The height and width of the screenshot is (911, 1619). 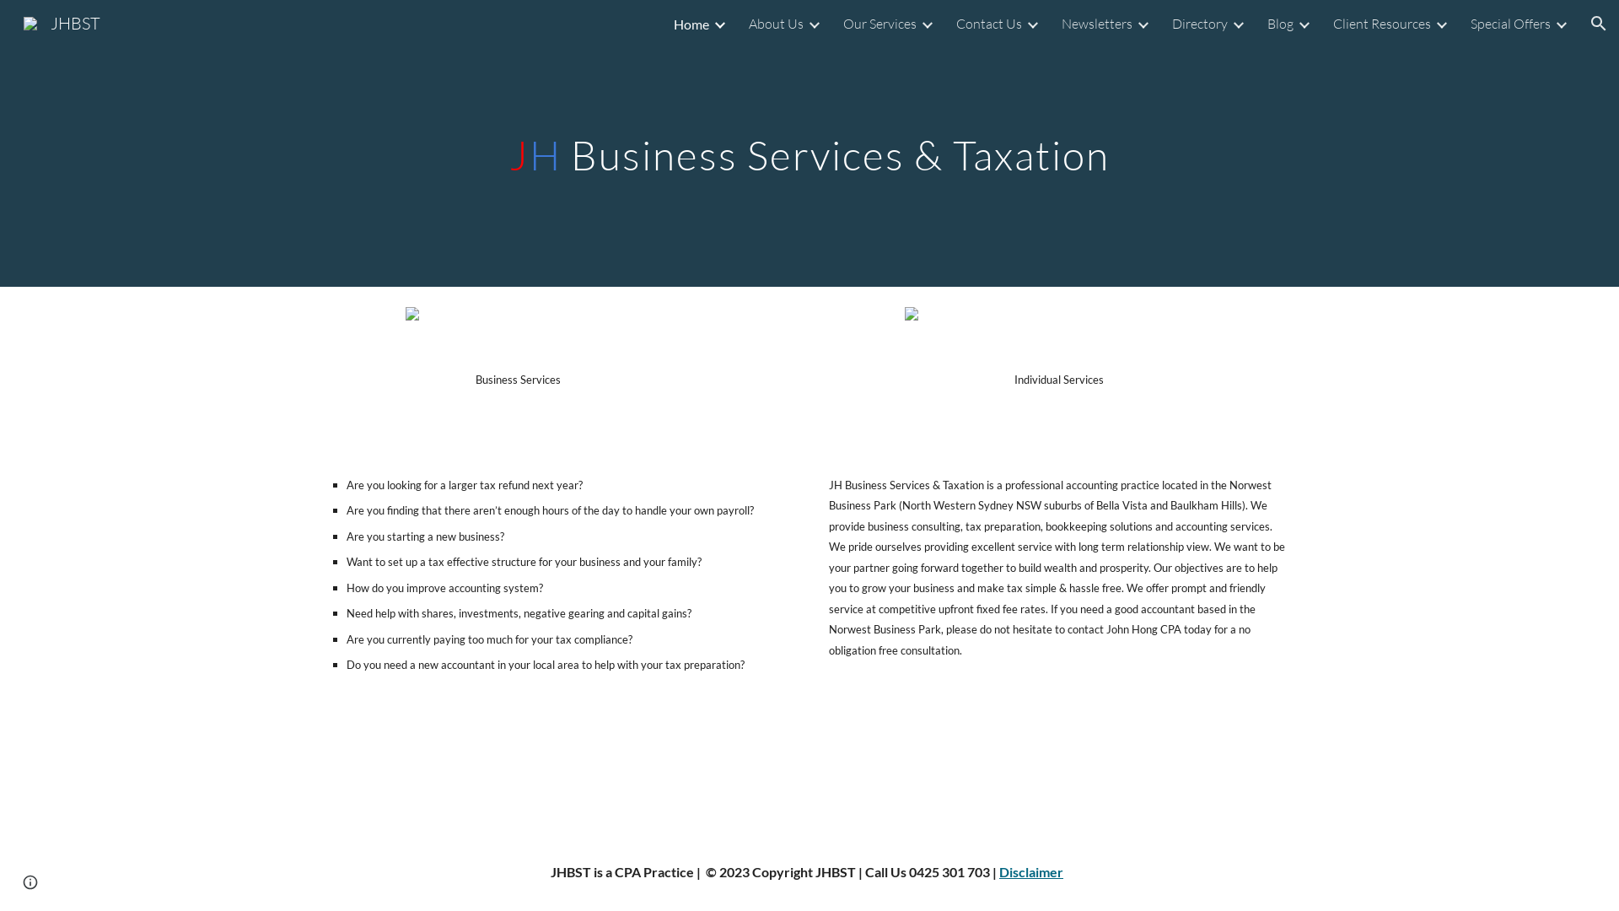 What do you see at coordinates (1171, 23) in the screenshot?
I see `'Directory'` at bounding box center [1171, 23].